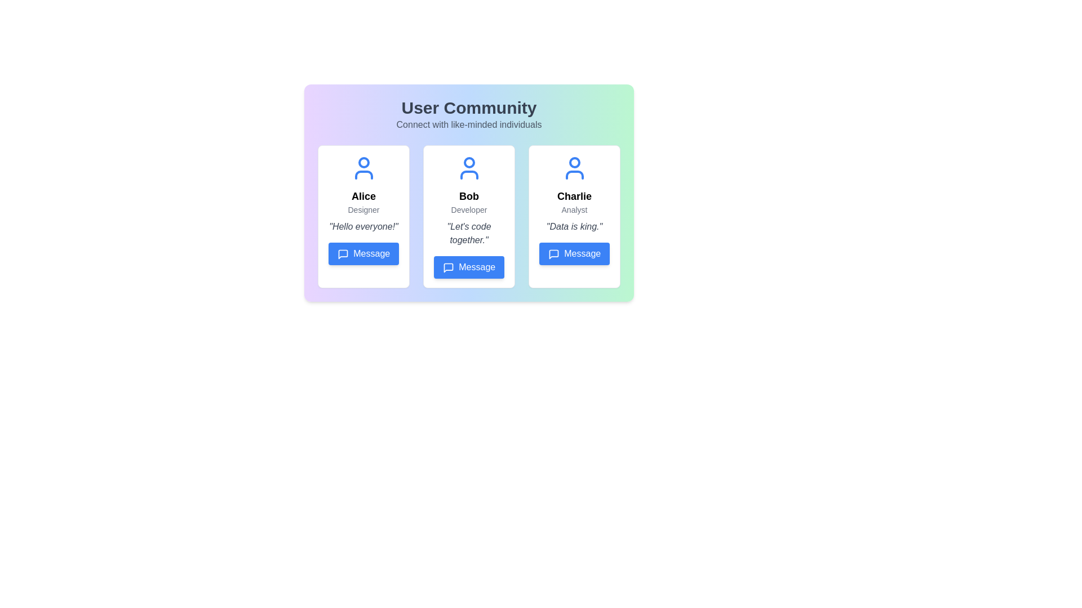 This screenshot has height=608, width=1082. What do you see at coordinates (469, 125) in the screenshot?
I see `the static text element located directly below the 'User Community' title, which serves as a subheading or descriptive text` at bounding box center [469, 125].